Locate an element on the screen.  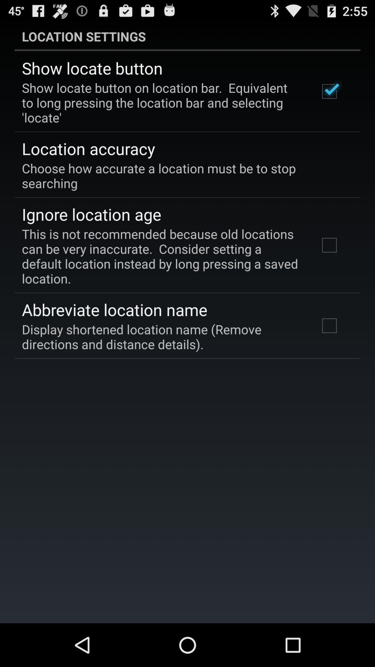
display shortened location app is located at coordinates (161, 337).